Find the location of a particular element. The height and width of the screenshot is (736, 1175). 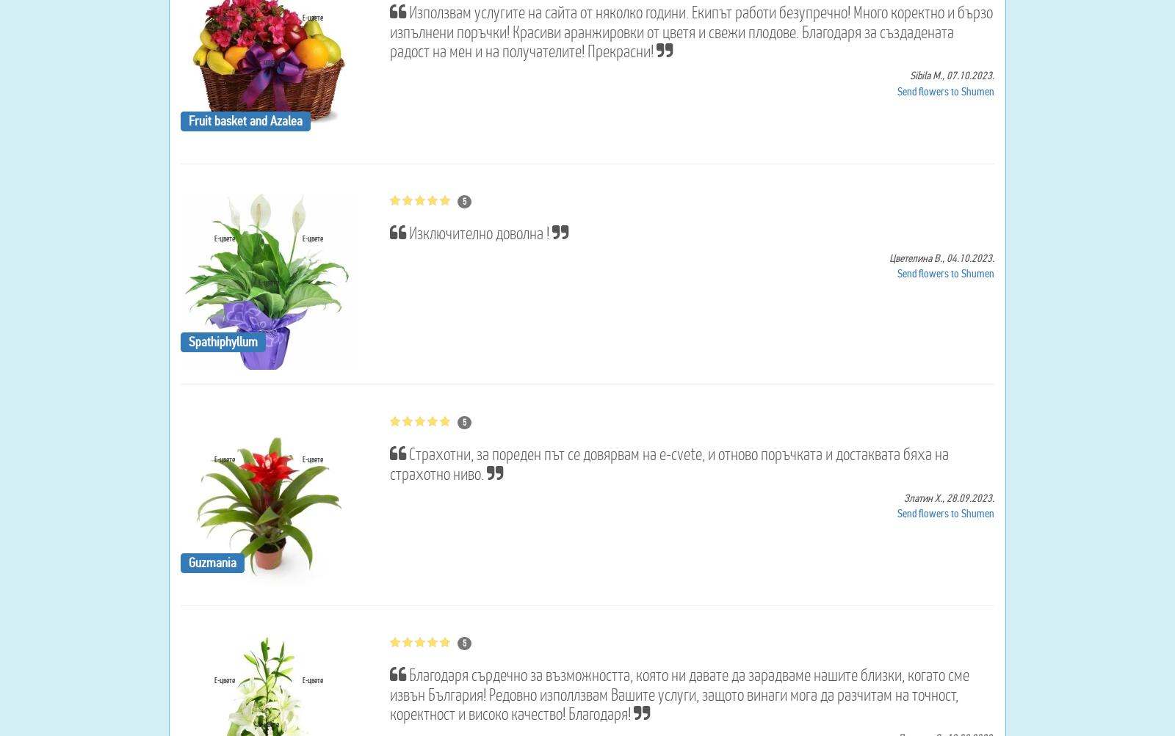

'Fruit basket and Azalea' is located at coordinates (245, 119).